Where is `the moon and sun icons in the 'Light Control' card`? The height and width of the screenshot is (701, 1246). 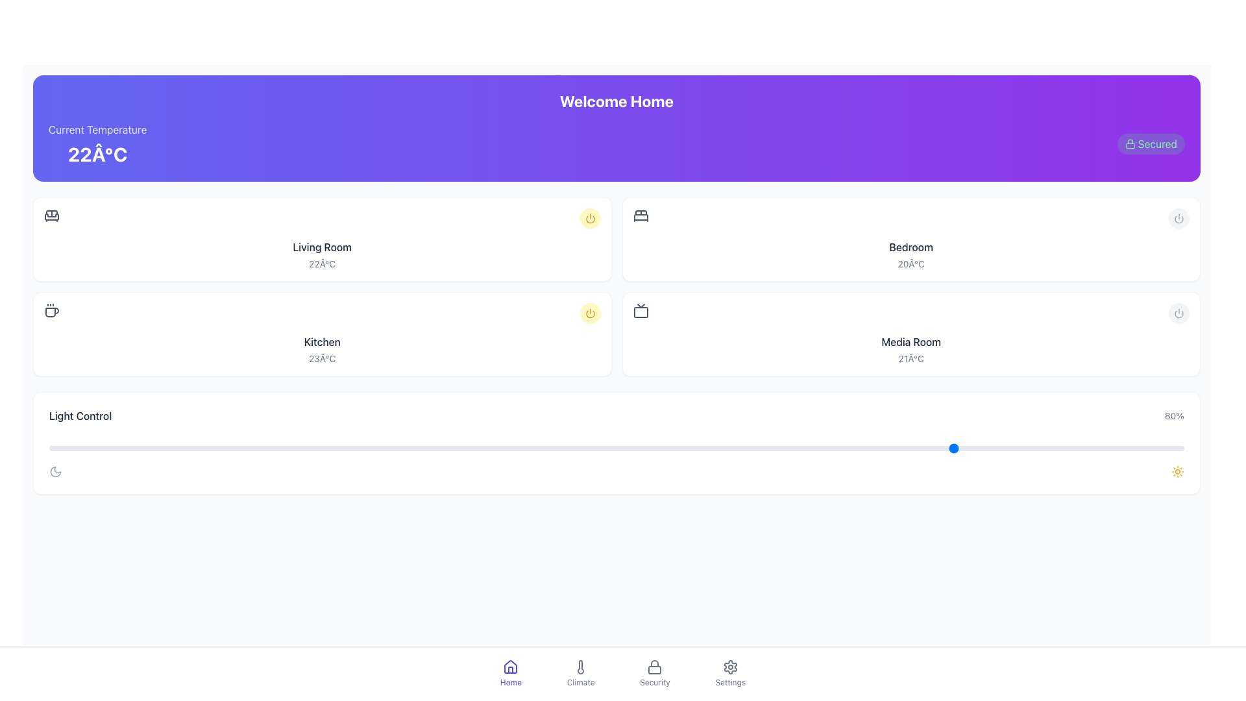
the moon and sun icons in the 'Light Control' card is located at coordinates (616, 471).